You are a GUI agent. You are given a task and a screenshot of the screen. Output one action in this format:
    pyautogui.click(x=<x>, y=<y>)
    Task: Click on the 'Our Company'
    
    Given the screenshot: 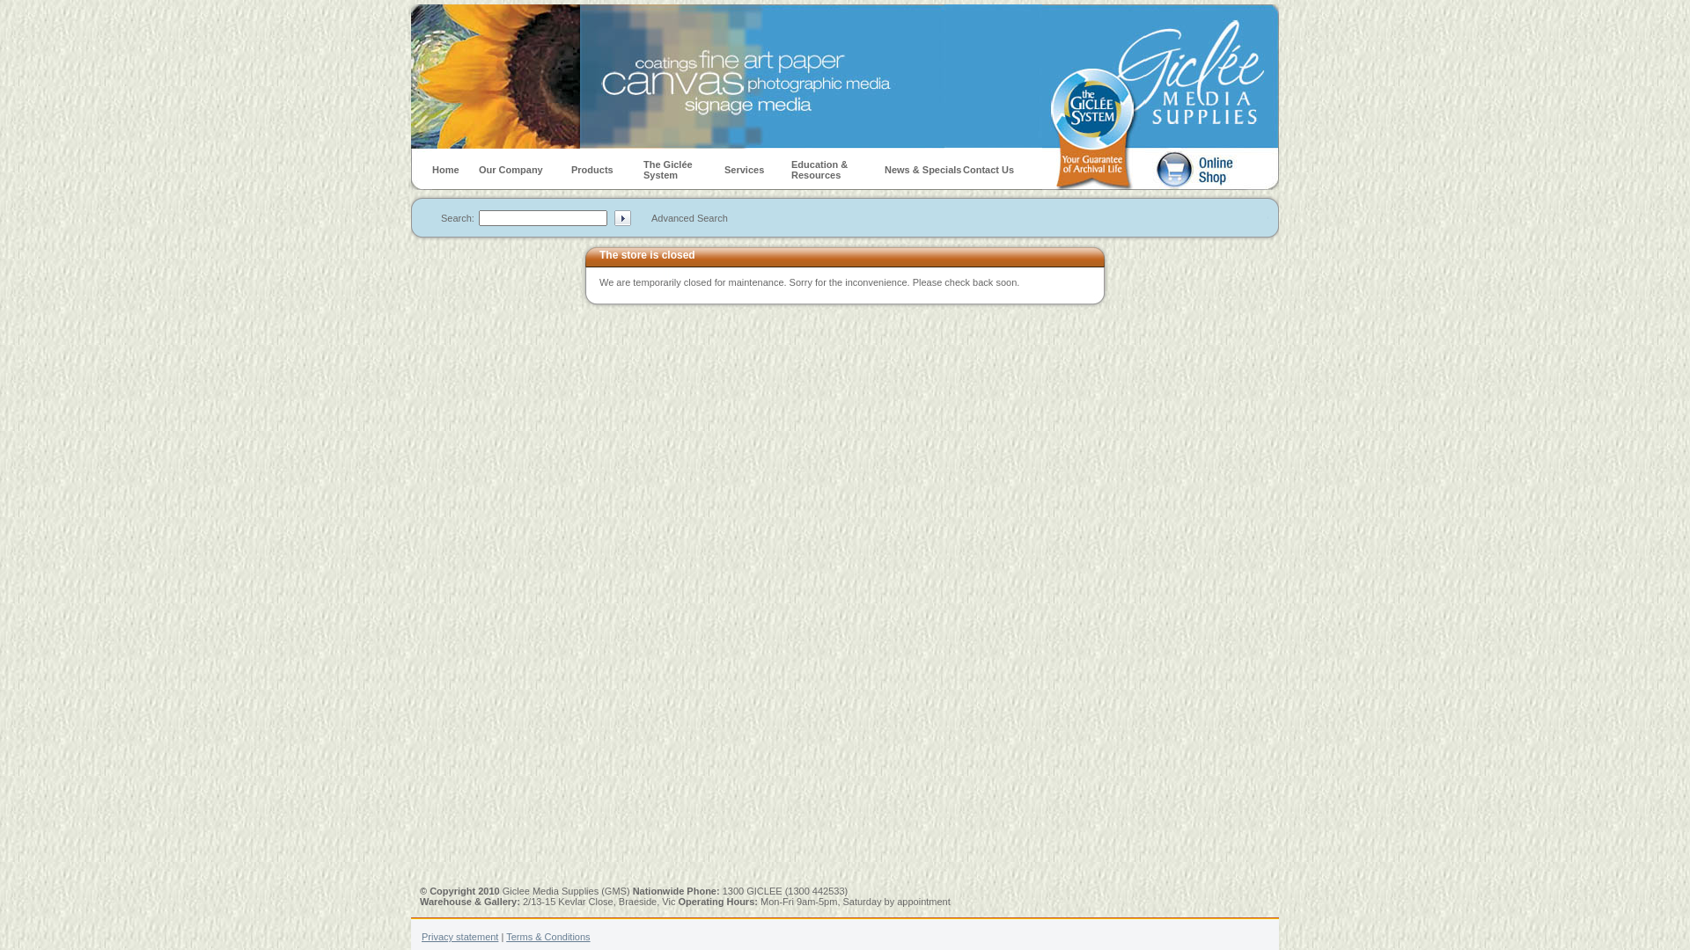 What is the action you would take?
    pyautogui.click(x=510, y=169)
    